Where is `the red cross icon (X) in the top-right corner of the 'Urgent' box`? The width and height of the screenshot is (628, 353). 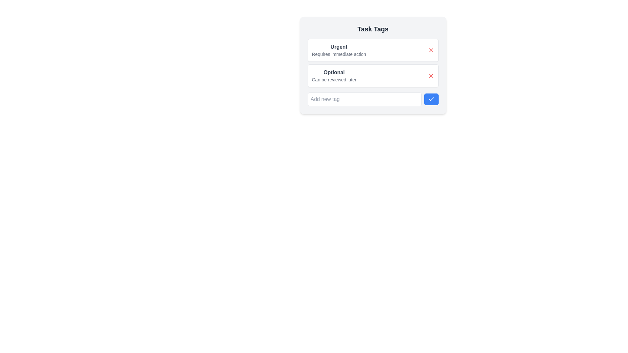
the red cross icon (X) in the top-right corner of the 'Urgent' box is located at coordinates (431, 50).